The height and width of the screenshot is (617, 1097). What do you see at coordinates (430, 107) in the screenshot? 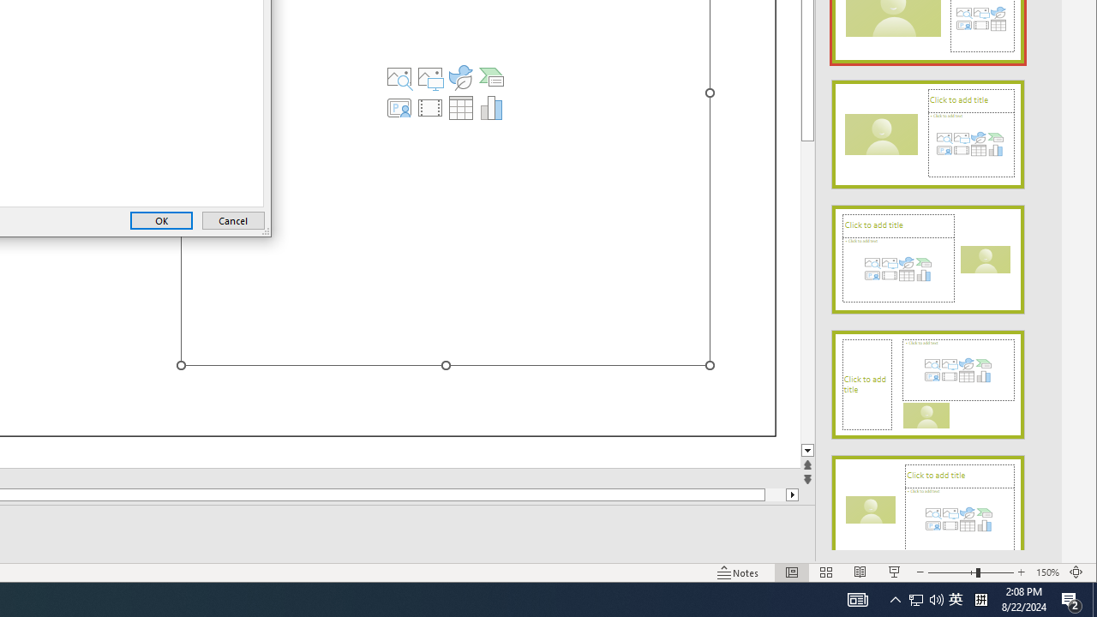
I see `'Insert Video'` at bounding box center [430, 107].